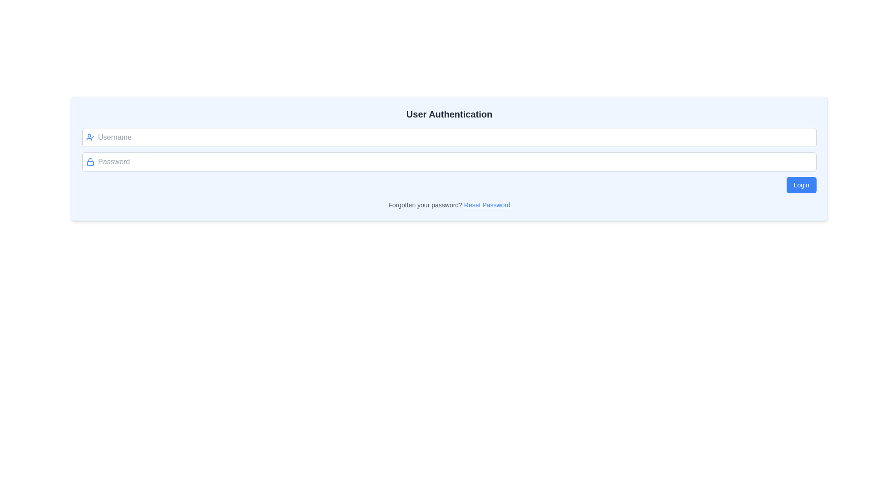  What do you see at coordinates (90, 137) in the screenshot?
I see `the blue user profile icon with a check mark at the start of the username field` at bounding box center [90, 137].